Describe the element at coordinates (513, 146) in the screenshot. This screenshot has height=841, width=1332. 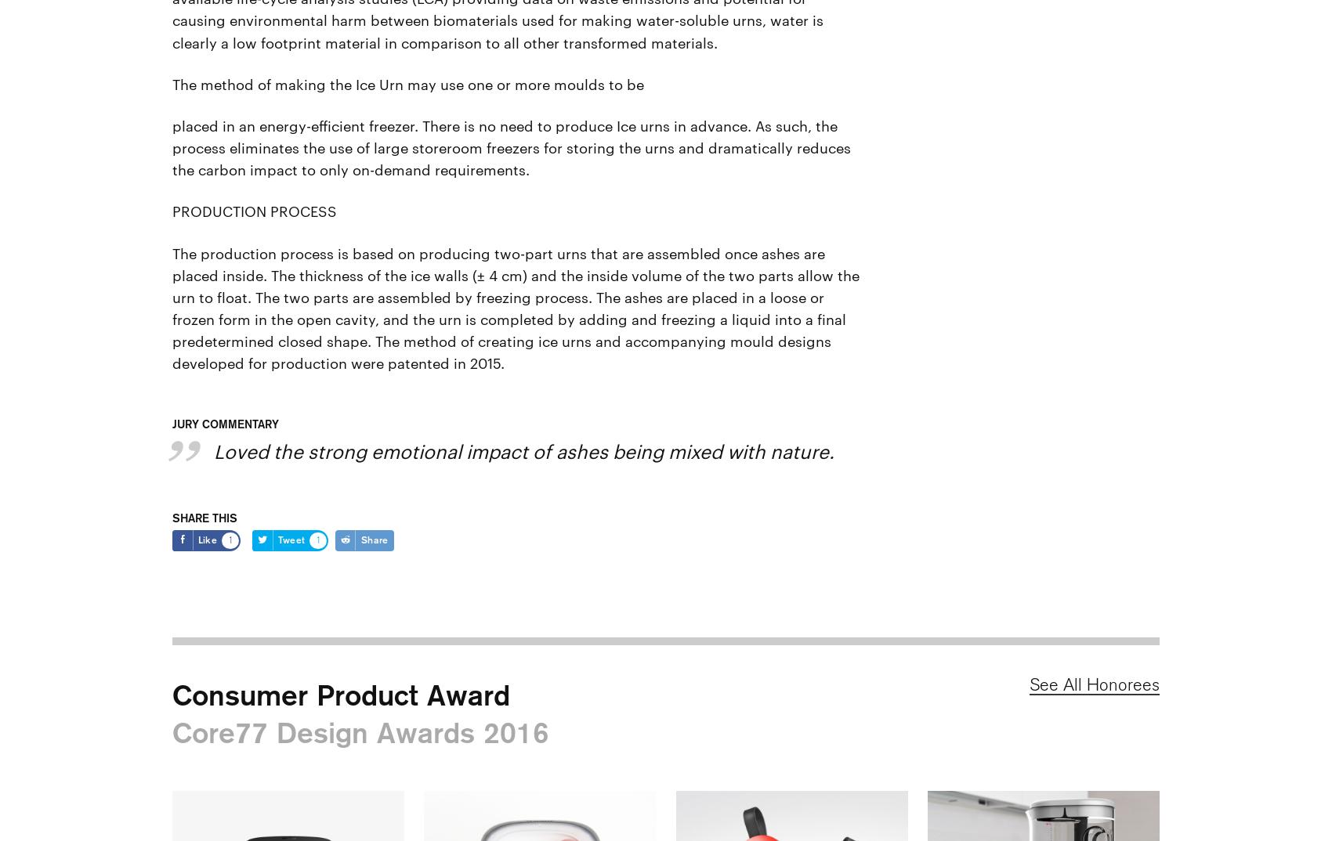
I see `'placed in an energy-efficient freezer. There is no need to produce Ice urns in advance. As such, the process eliminates the use of large storeroom freezers for storing the urns and dramatically reduces the carbon impact to only on-demand requirements.'` at that location.